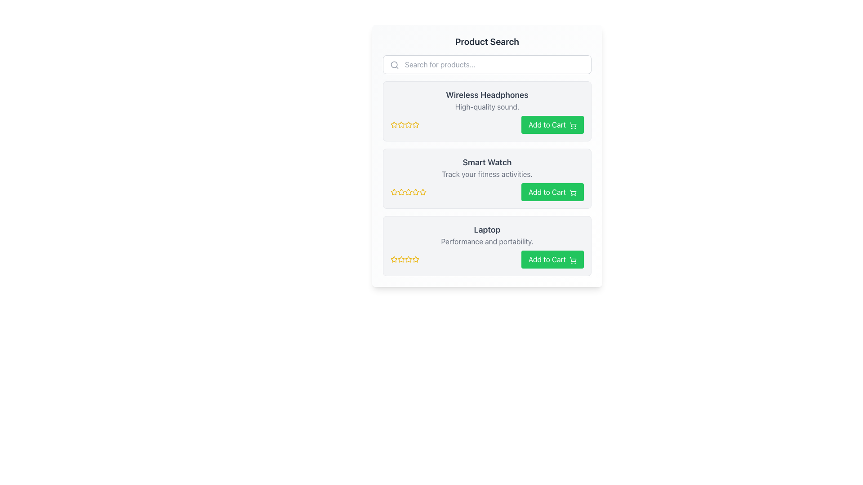 This screenshot has height=485, width=863. What do you see at coordinates (487, 174) in the screenshot?
I see `the text label that describes the 'Smart Watch' product, positioned below the title and above the star ratings` at bounding box center [487, 174].